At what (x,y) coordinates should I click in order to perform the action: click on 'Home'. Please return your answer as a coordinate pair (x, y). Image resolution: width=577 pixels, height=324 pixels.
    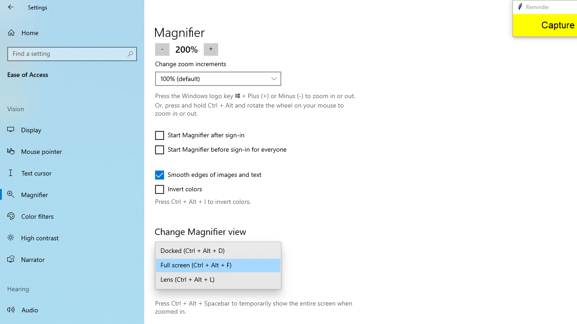
    Looking at the image, I should click on (72, 32).